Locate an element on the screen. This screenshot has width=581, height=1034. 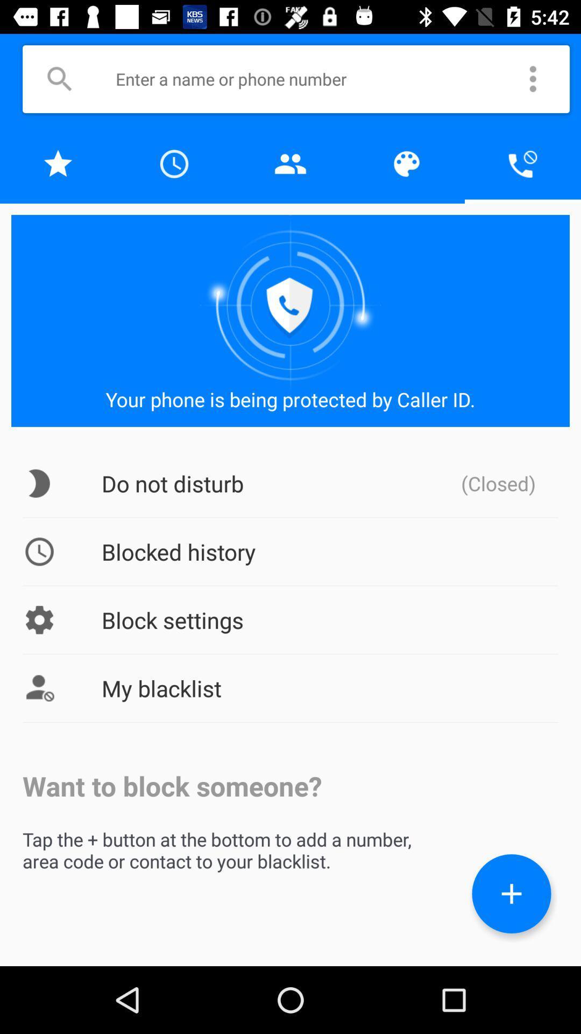
favorites is located at coordinates (58, 163).